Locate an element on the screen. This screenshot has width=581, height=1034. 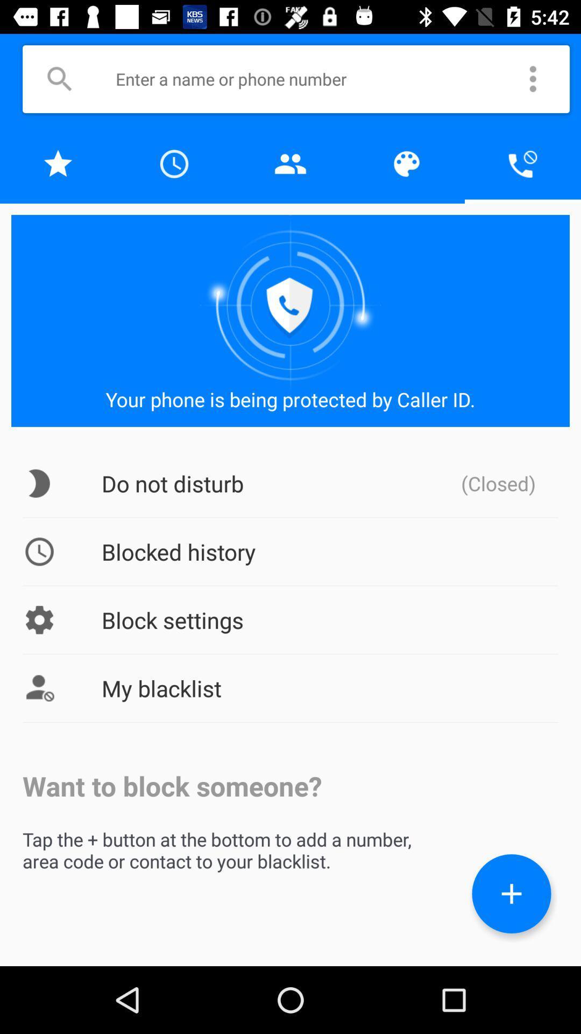
favorites is located at coordinates (58, 163).